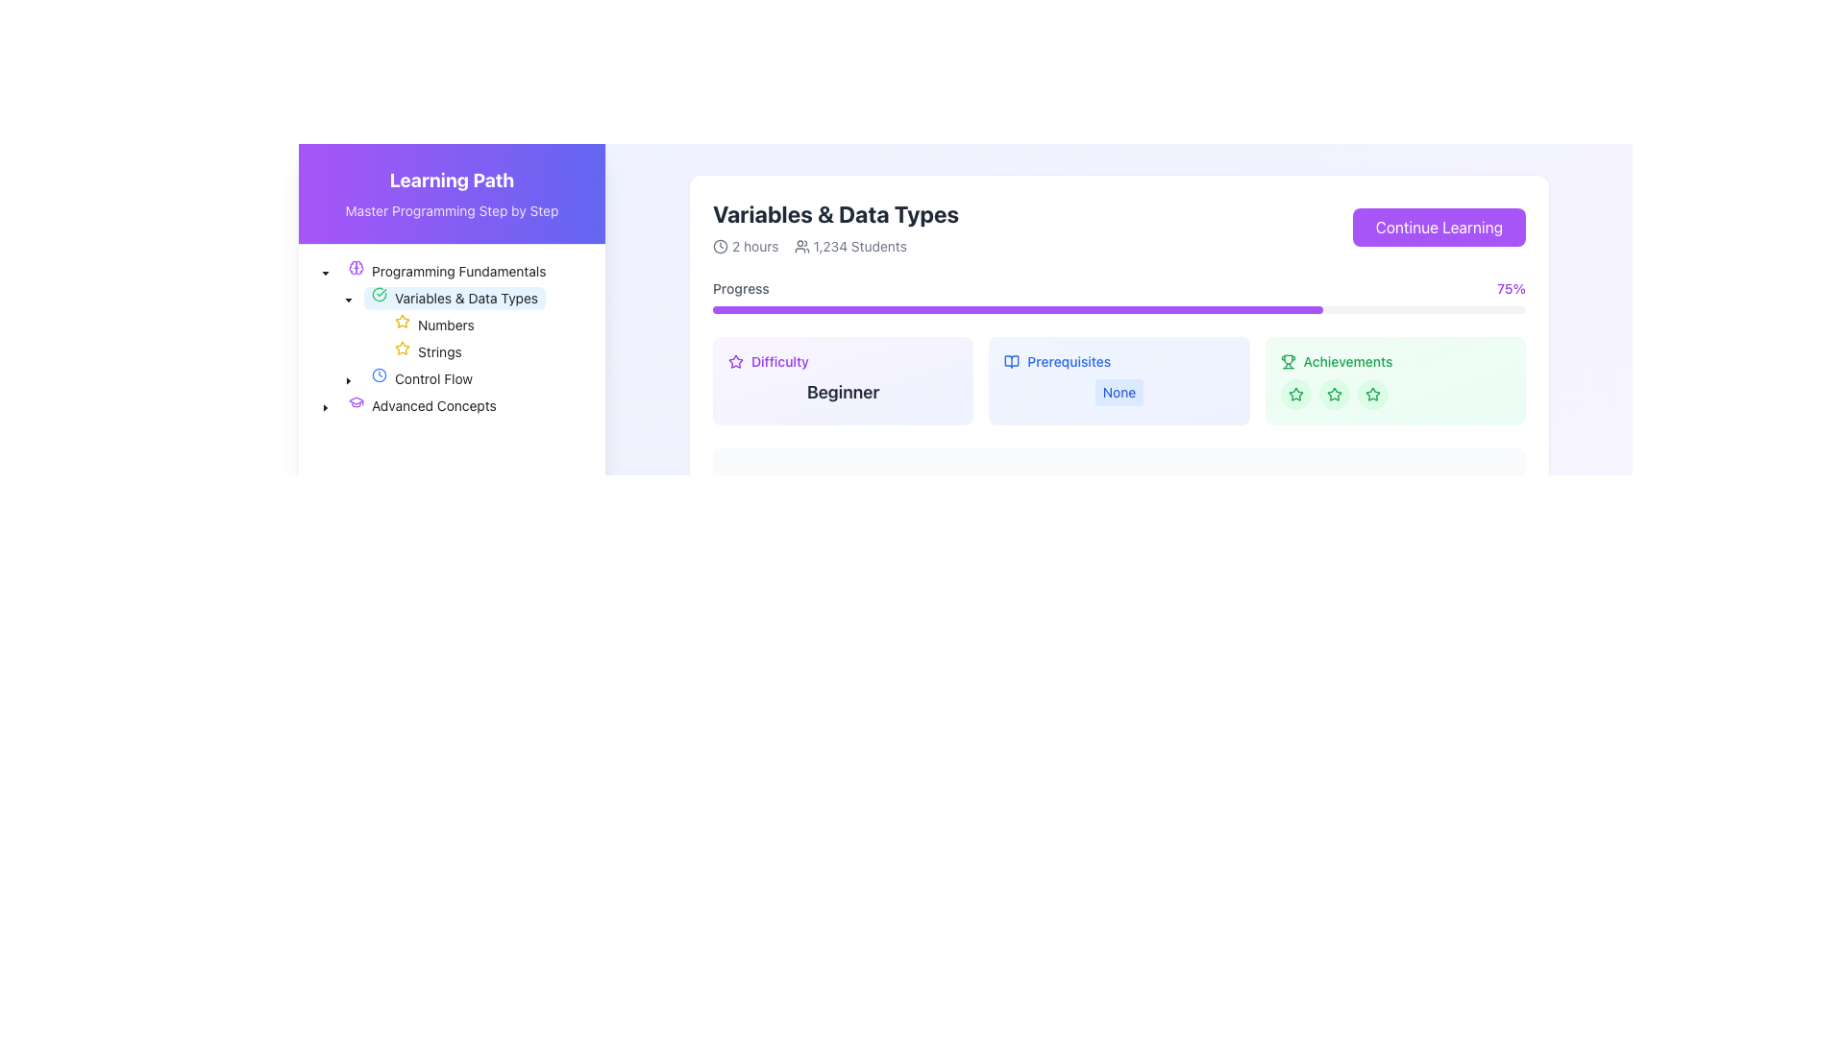 The image size is (1845, 1037). Describe the element at coordinates (336, 351) in the screenshot. I see `the indentation unit that is part of the tree view structure under the 'Strings' node, indicating a hierarchical relationship` at that location.